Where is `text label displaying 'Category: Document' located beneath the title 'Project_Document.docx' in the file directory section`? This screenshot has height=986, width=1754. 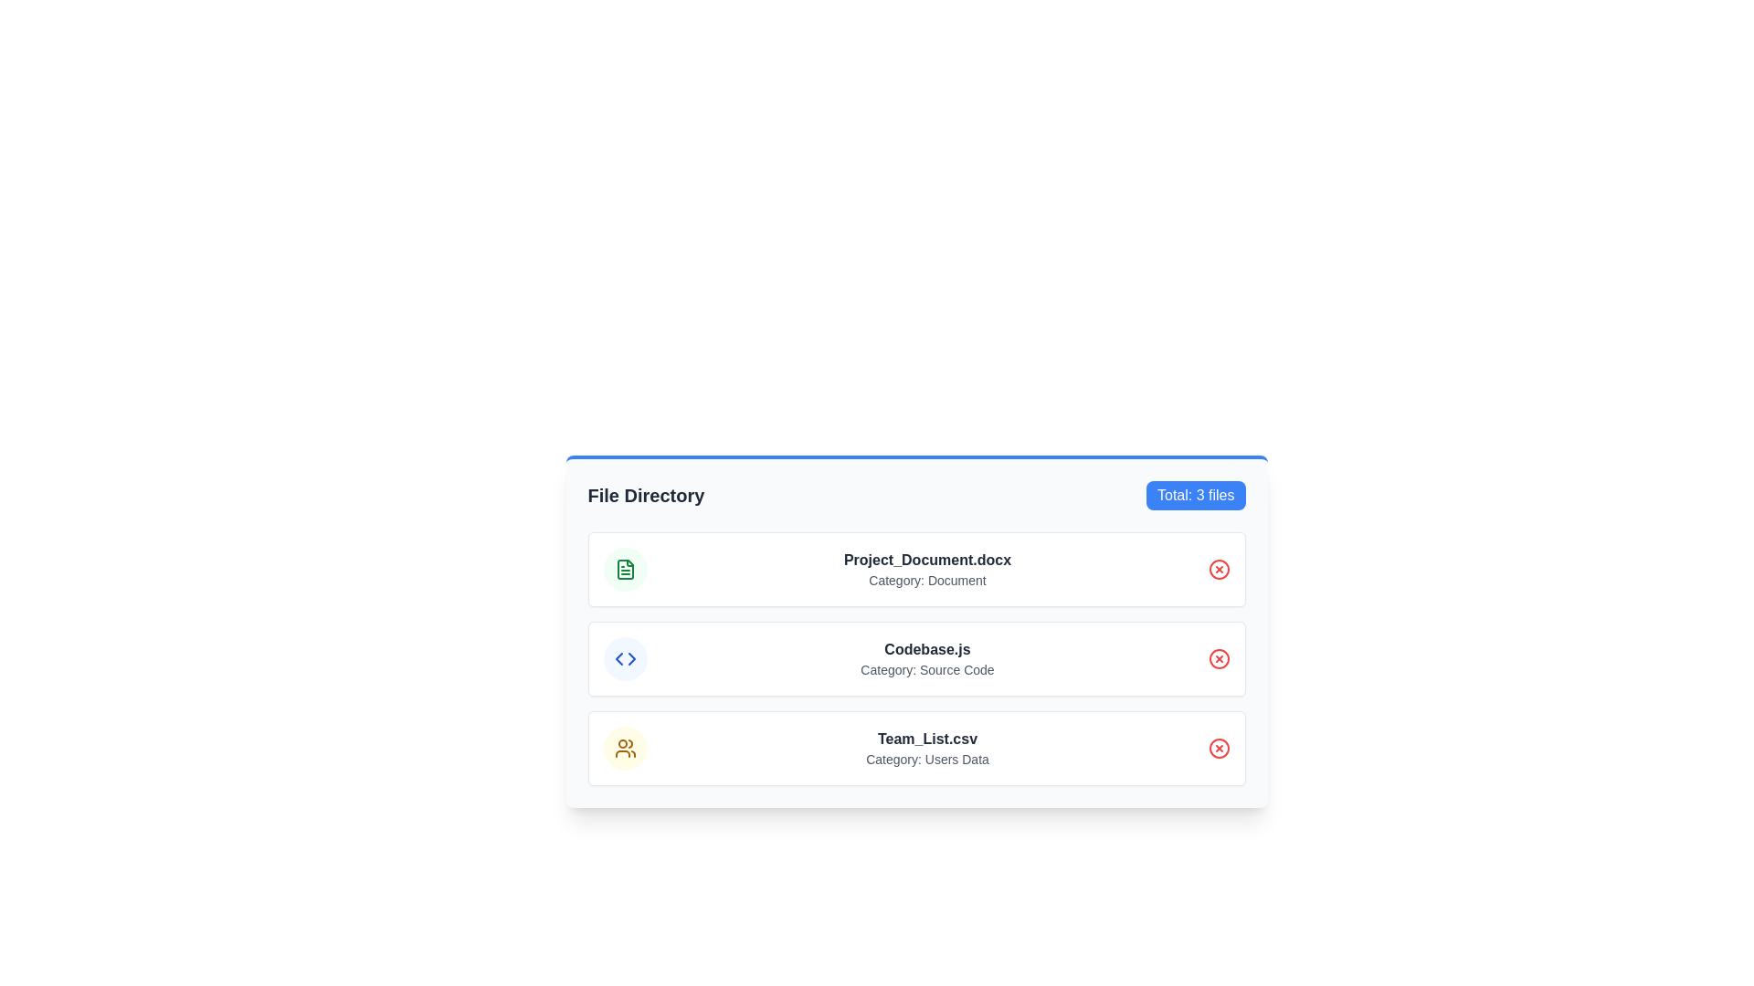 text label displaying 'Category: Document' located beneath the title 'Project_Document.docx' in the file directory section is located at coordinates (927, 581).